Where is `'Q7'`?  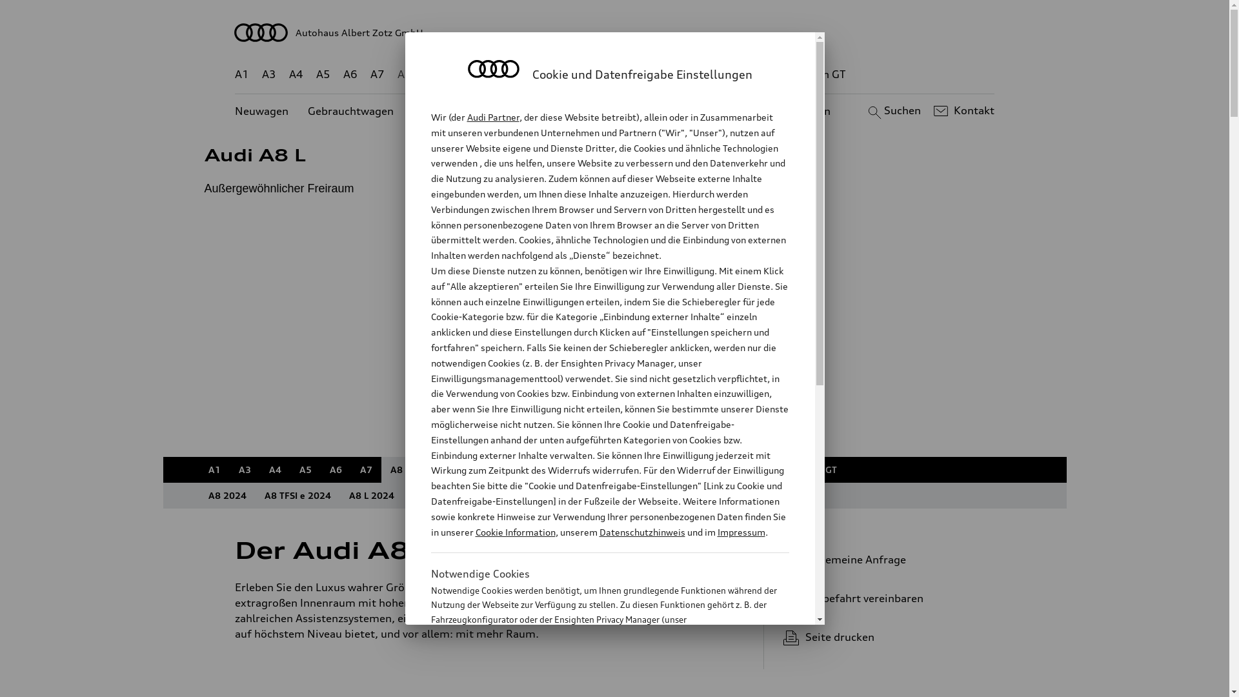 'Q7' is located at coordinates (576, 74).